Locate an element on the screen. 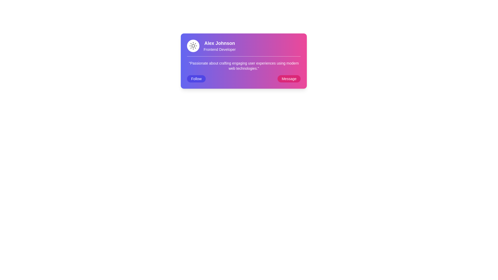  displayed content from the Text display component that shows the name and professional title of the individual, located at the top-center area of the card component is located at coordinates (219, 46).